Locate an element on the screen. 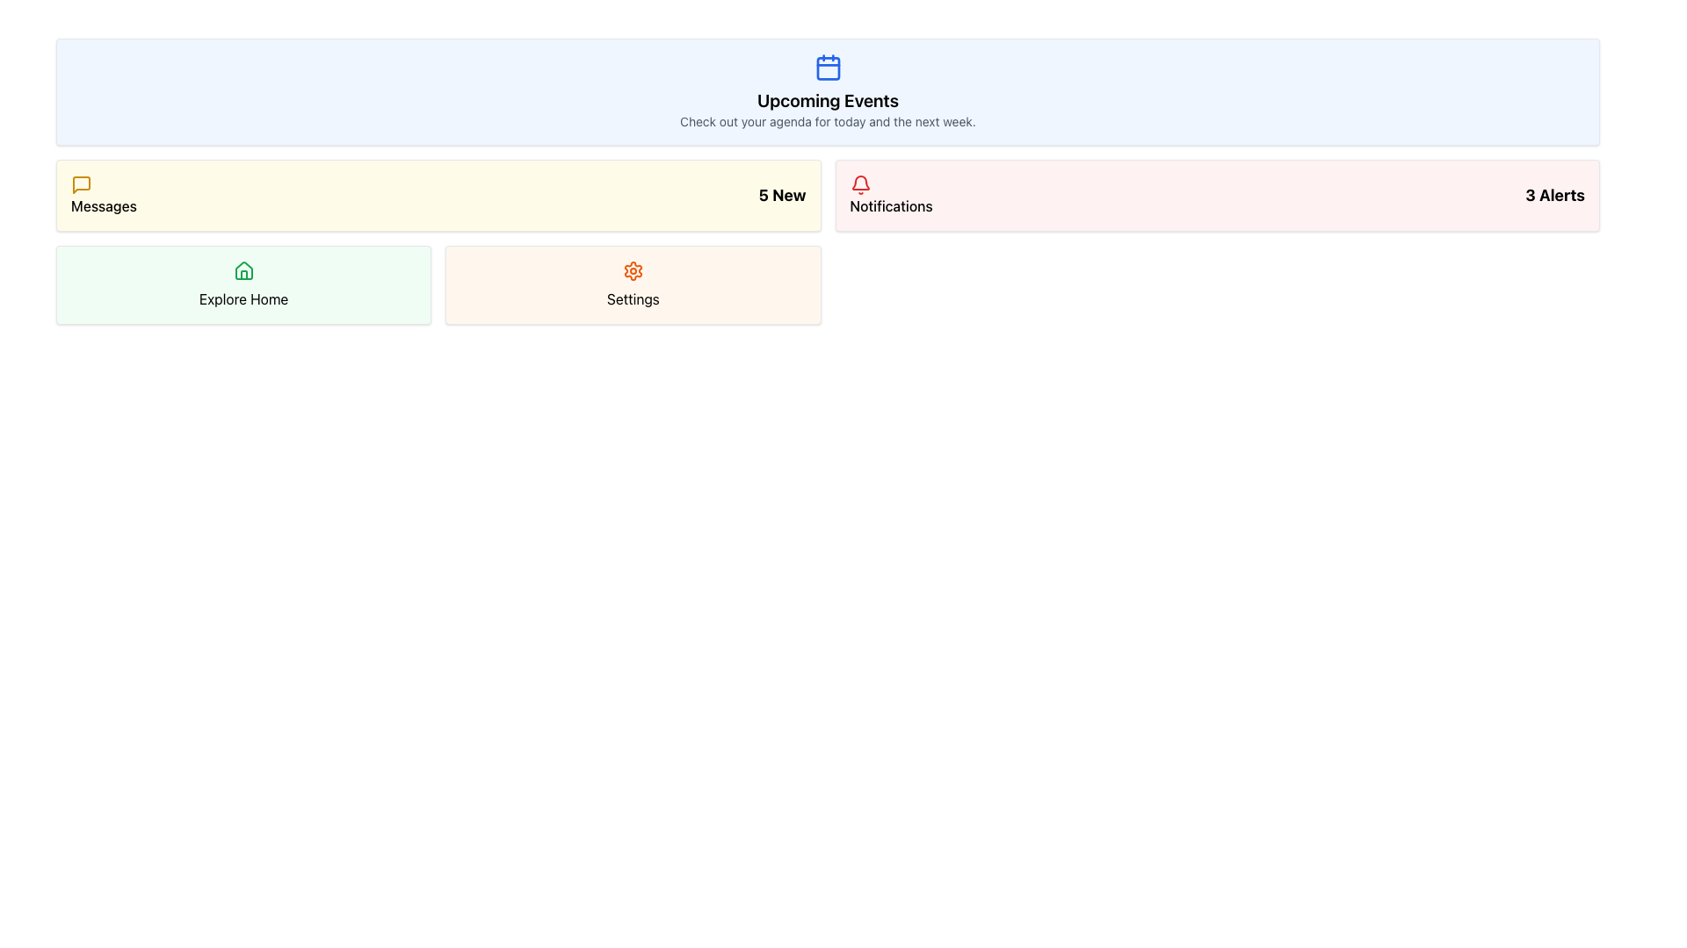 The image size is (1687, 948). the Card component labeled 'Settings' with a gear icon, which has a light orange background and is located in the bottom row of a four-column grid layout is located at coordinates (633, 284).